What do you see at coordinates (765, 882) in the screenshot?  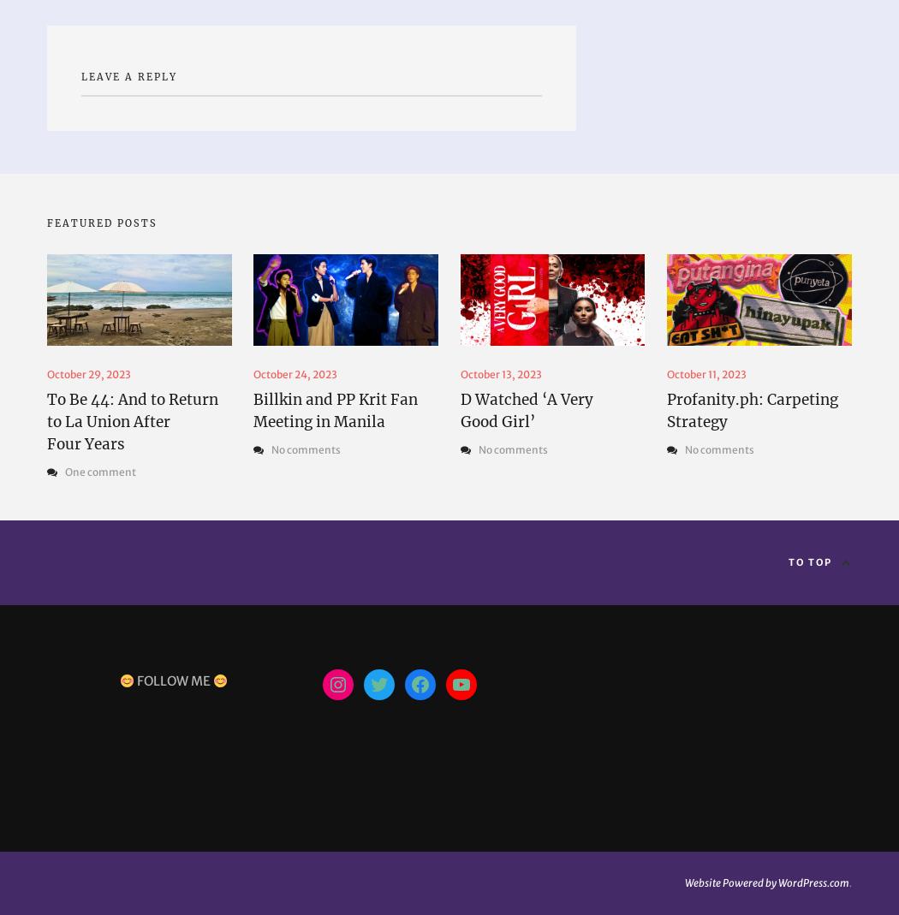 I see `'Website Powered by WordPress.com'` at bounding box center [765, 882].